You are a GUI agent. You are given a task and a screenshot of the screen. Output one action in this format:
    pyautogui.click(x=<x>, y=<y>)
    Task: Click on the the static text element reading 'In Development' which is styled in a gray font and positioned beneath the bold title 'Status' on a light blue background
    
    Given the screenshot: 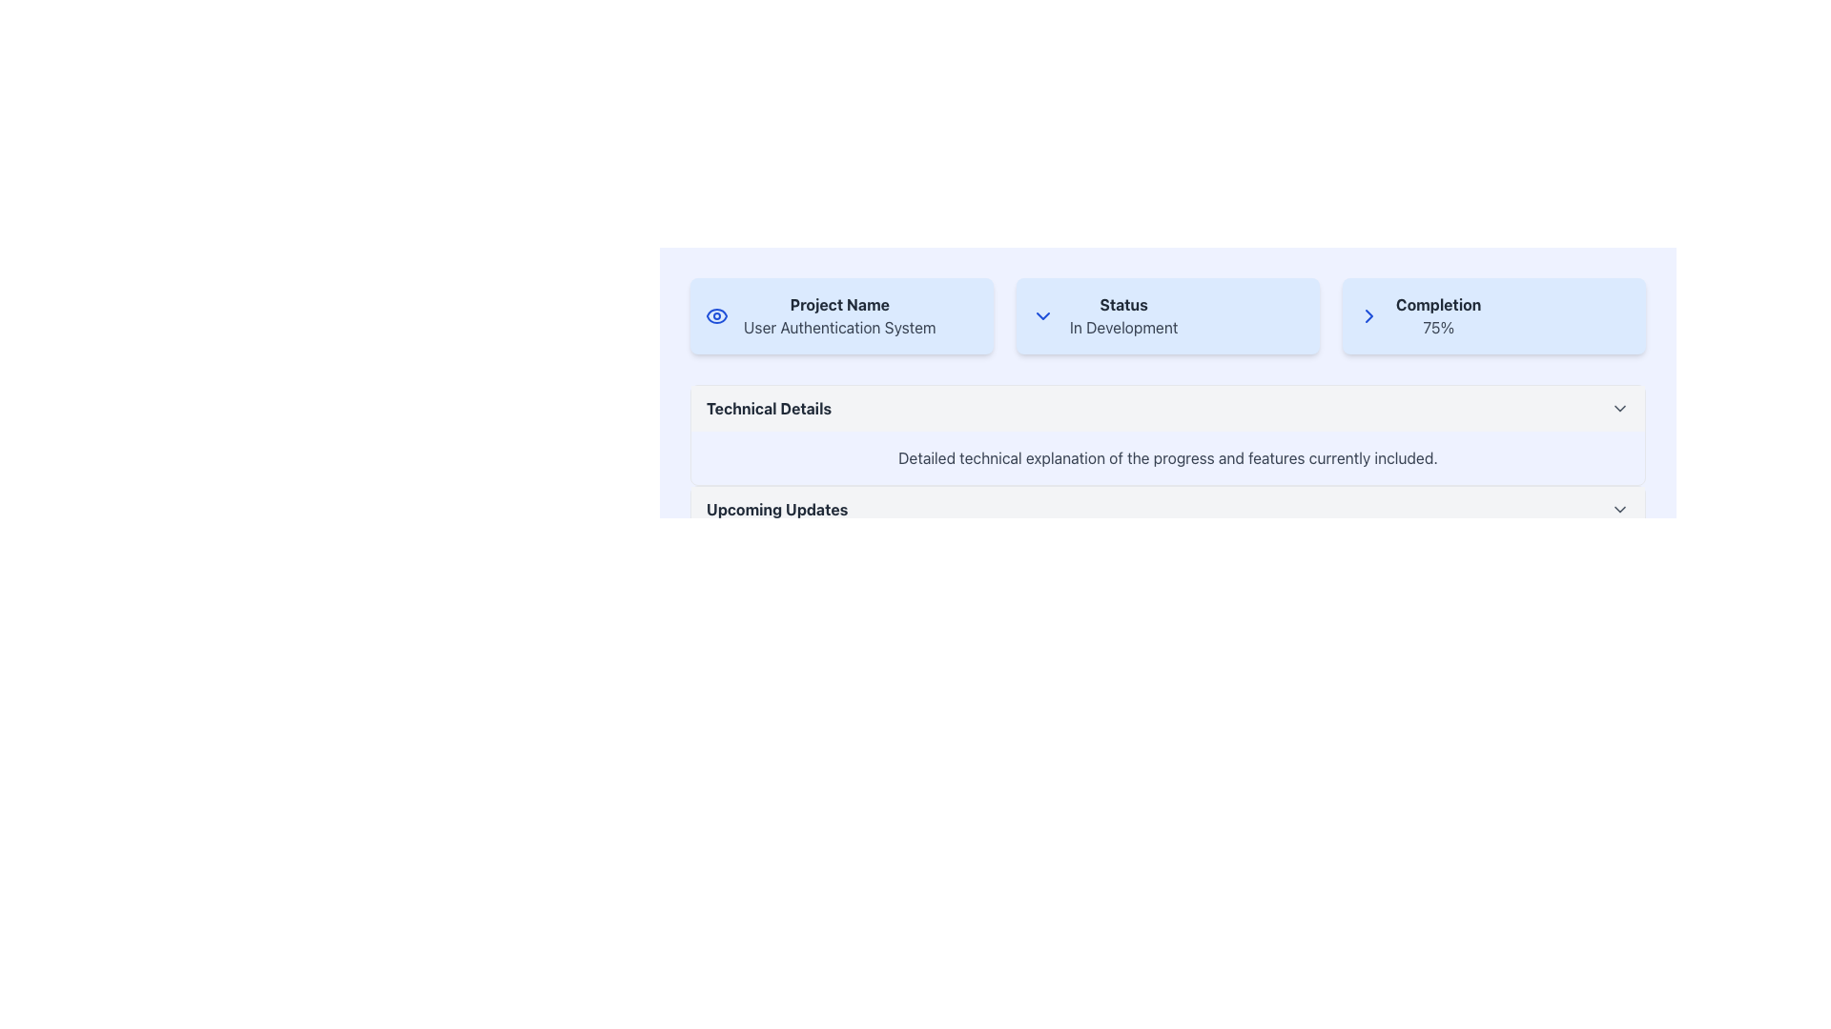 What is the action you would take?
    pyautogui.click(x=1123, y=326)
    